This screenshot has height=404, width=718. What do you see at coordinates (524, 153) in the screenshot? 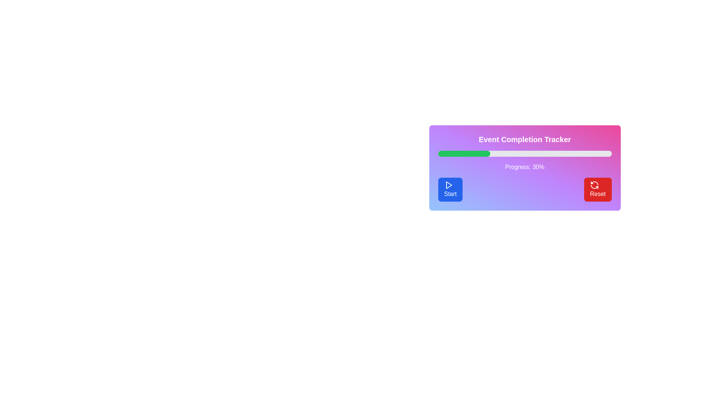
I see `the horizontal progress bar with a gray background and green filled segment, located below 'Event Completion Tracker' and above 'Progress: 30%'` at bounding box center [524, 153].